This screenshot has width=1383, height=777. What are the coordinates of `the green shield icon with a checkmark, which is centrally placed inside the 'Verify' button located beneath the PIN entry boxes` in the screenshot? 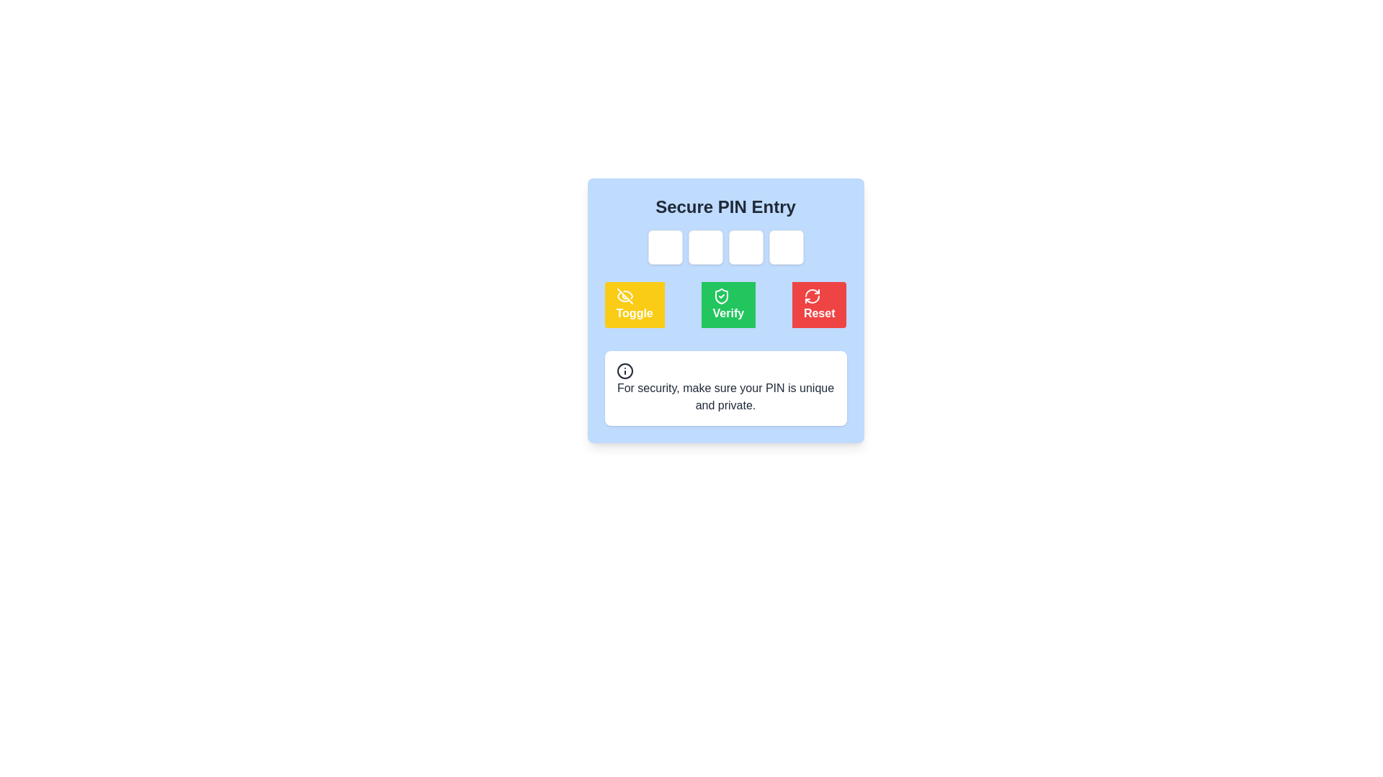 It's located at (721, 296).